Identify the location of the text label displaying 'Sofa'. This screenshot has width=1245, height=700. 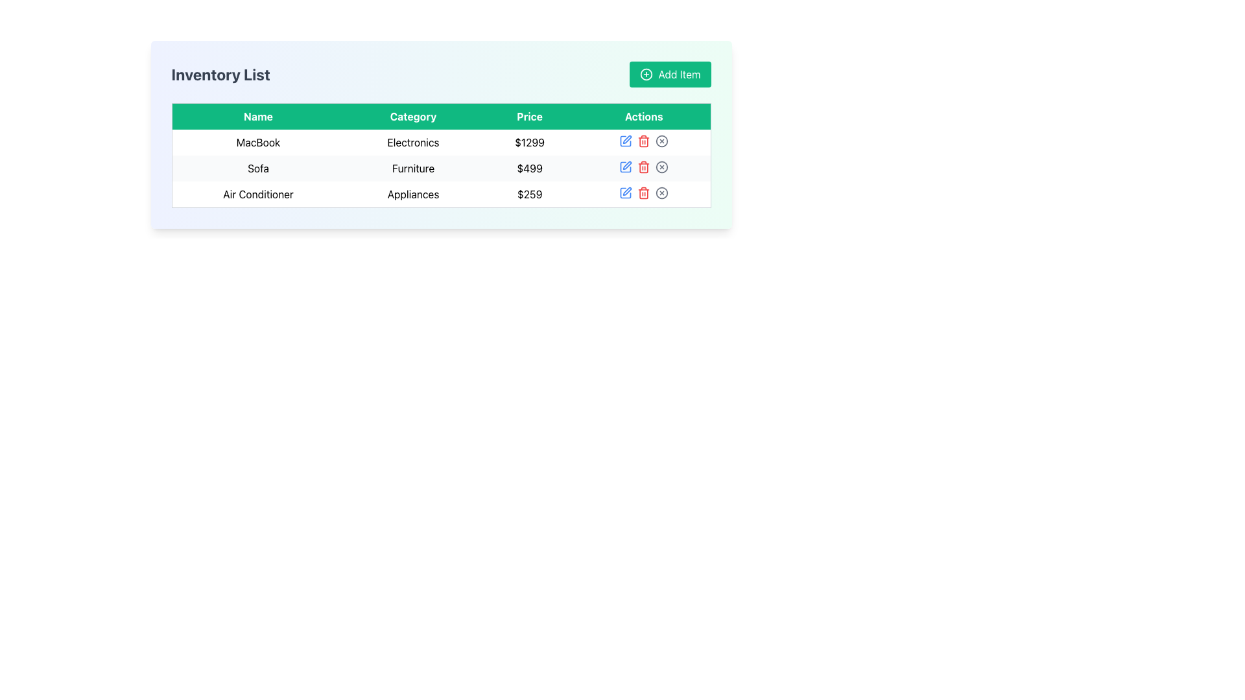
(258, 167).